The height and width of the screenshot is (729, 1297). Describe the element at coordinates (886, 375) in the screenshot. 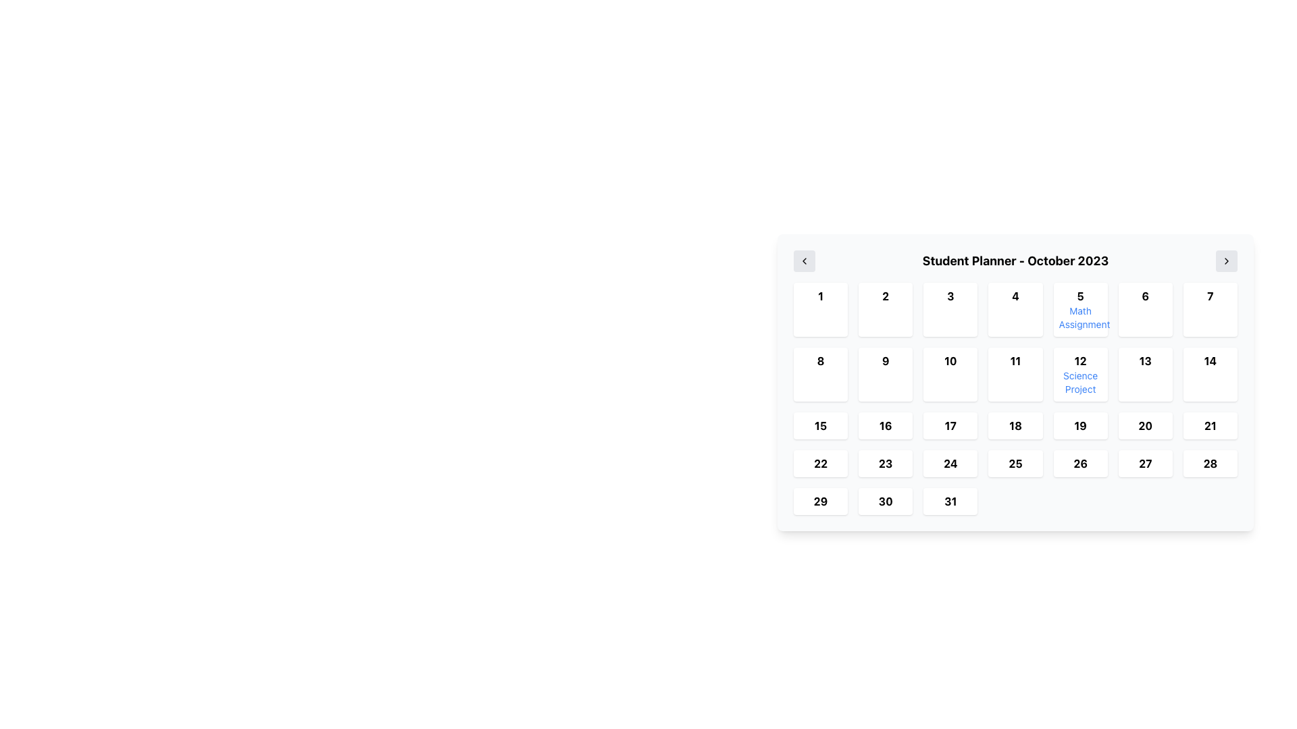

I see `the Calendar day box representing the 9th day in the monthly calendar view, located in the second column of the second row` at that location.